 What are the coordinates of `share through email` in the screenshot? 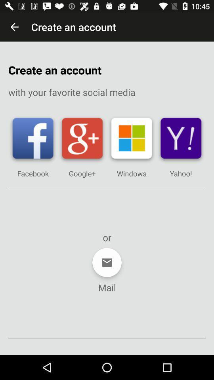 It's located at (107, 262).